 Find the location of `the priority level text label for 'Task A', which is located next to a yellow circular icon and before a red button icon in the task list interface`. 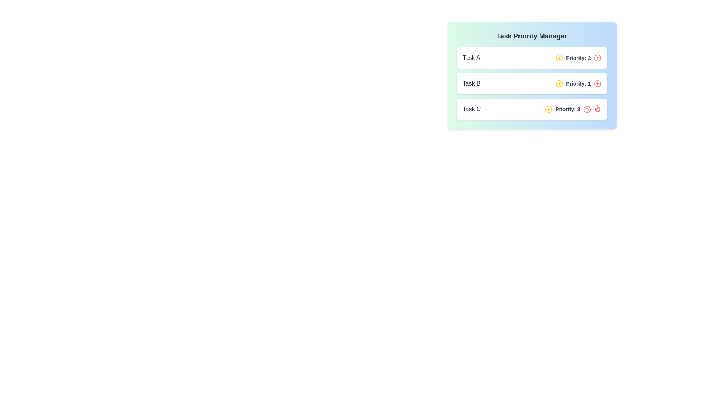

the priority level text label for 'Task A', which is located next to a yellow circular icon and before a red button icon in the task list interface is located at coordinates (578, 58).